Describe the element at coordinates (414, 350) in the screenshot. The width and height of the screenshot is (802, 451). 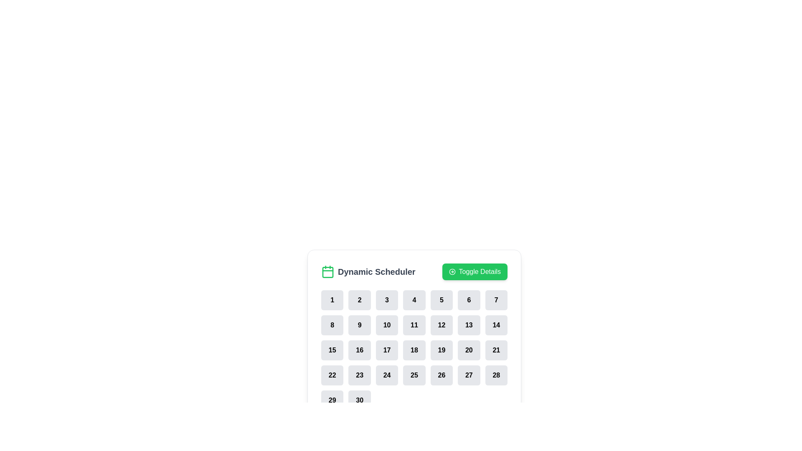
I see `a cell in the grid layout of the 'Dynamic Scheduler'` at that location.